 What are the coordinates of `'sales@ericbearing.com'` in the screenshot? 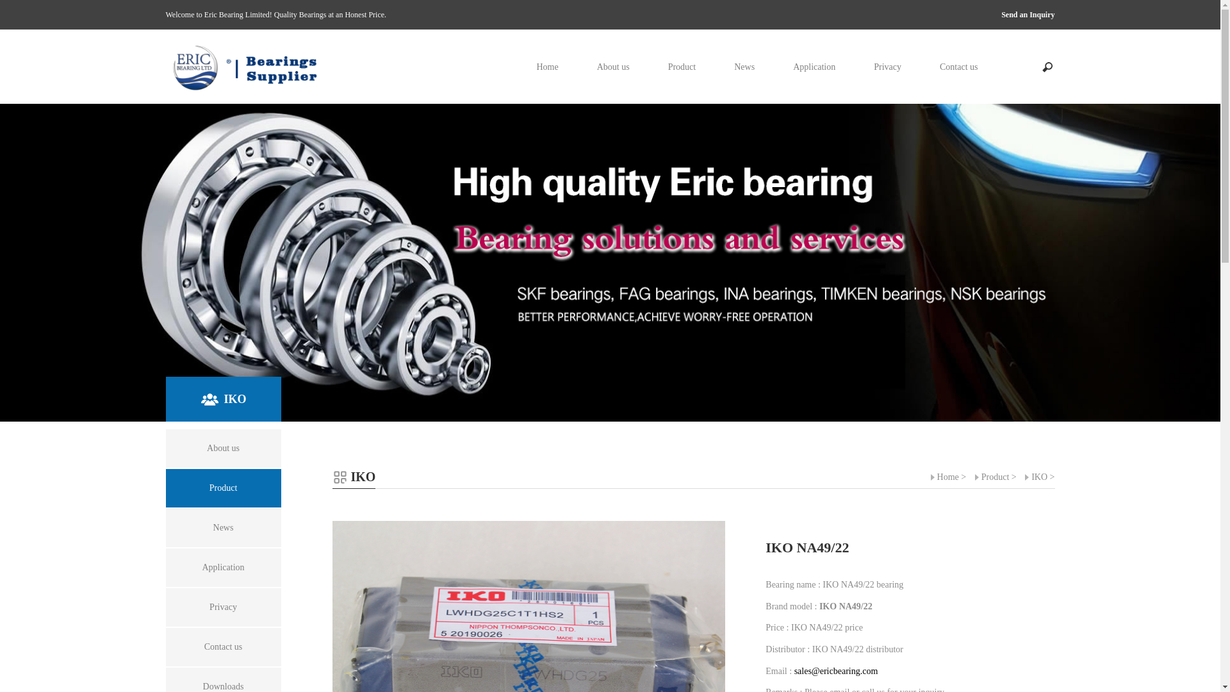 It's located at (836, 670).